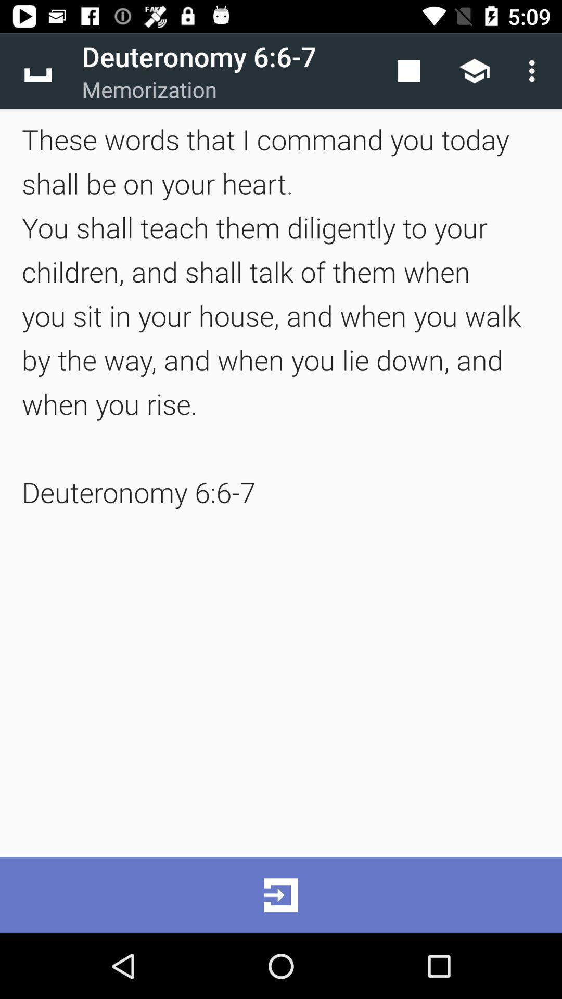 The width and height of the screenshot is (562, 999). Describe the element at coordinates (281, 894) in the screenshot. I see `next verse` at that location.